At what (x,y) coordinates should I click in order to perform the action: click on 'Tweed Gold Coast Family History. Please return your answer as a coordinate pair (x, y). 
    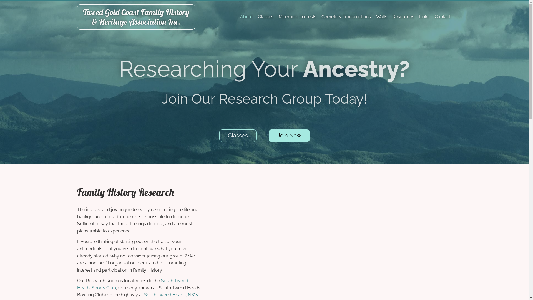
    Looking at the image, I should click on (136, 17).